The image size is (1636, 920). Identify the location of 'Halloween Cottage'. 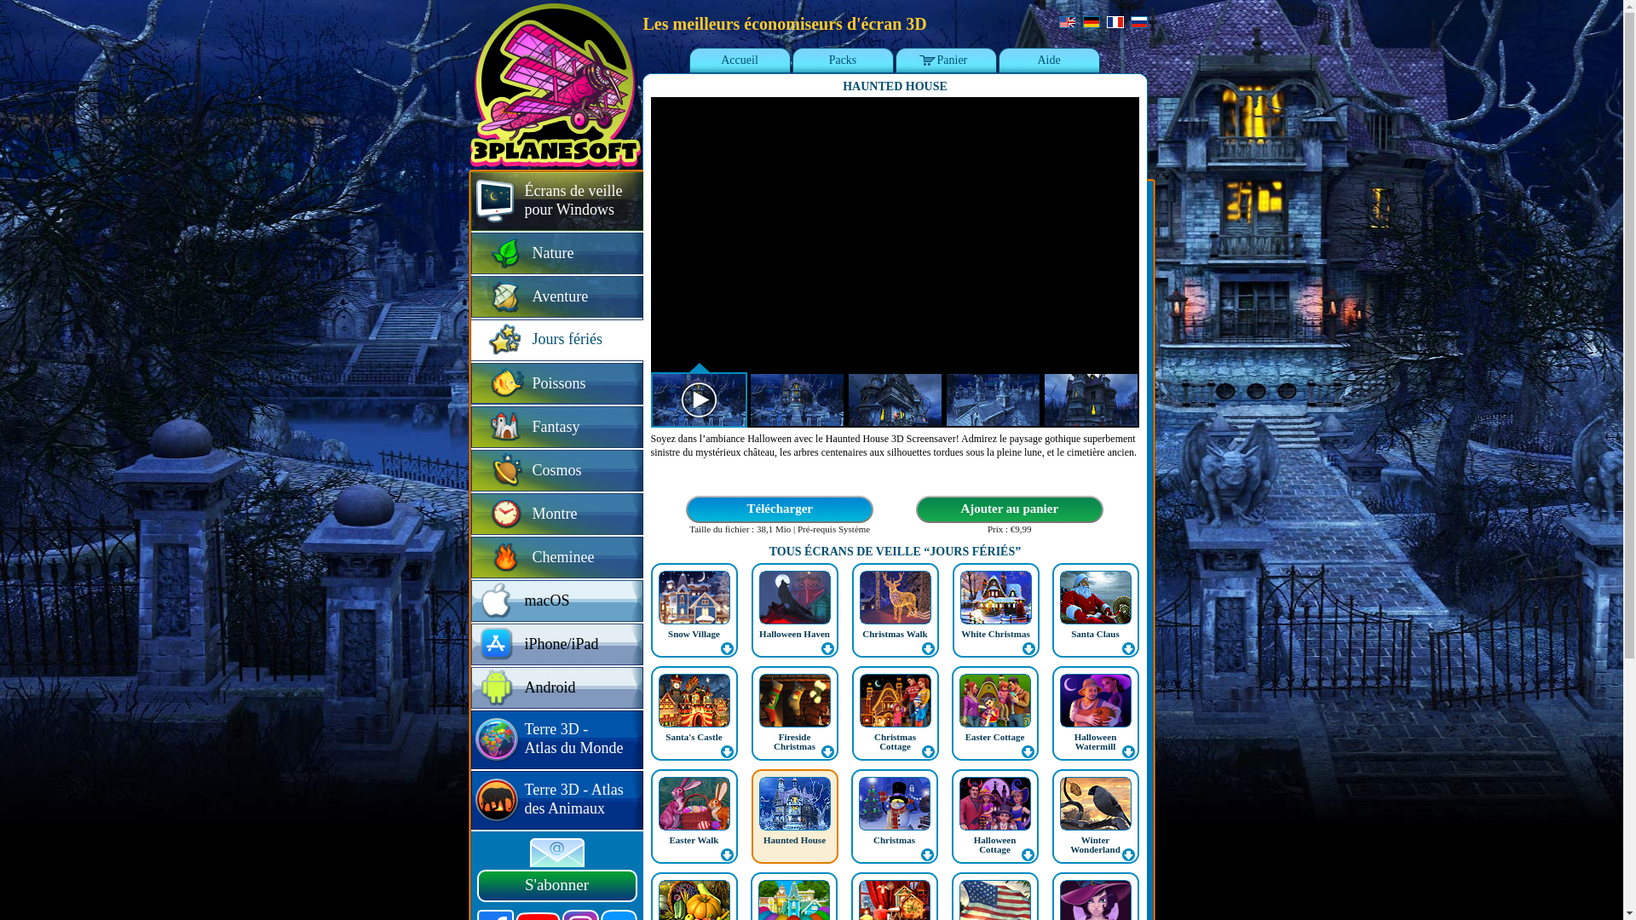
(994, 815).